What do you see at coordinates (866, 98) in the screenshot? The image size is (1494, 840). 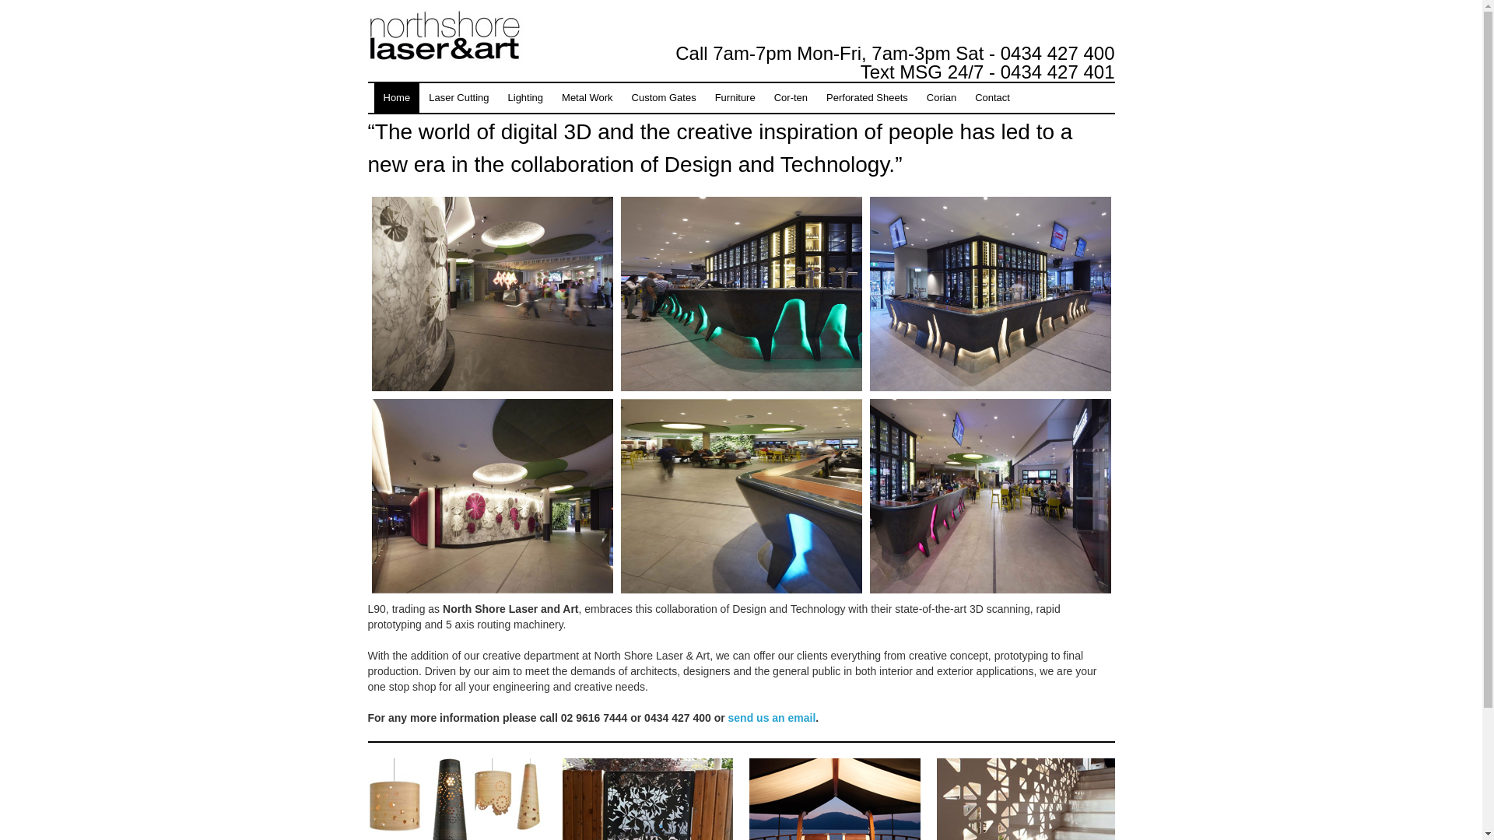 I see `'Perforated Sheets'` at bounding box center [866, 98].